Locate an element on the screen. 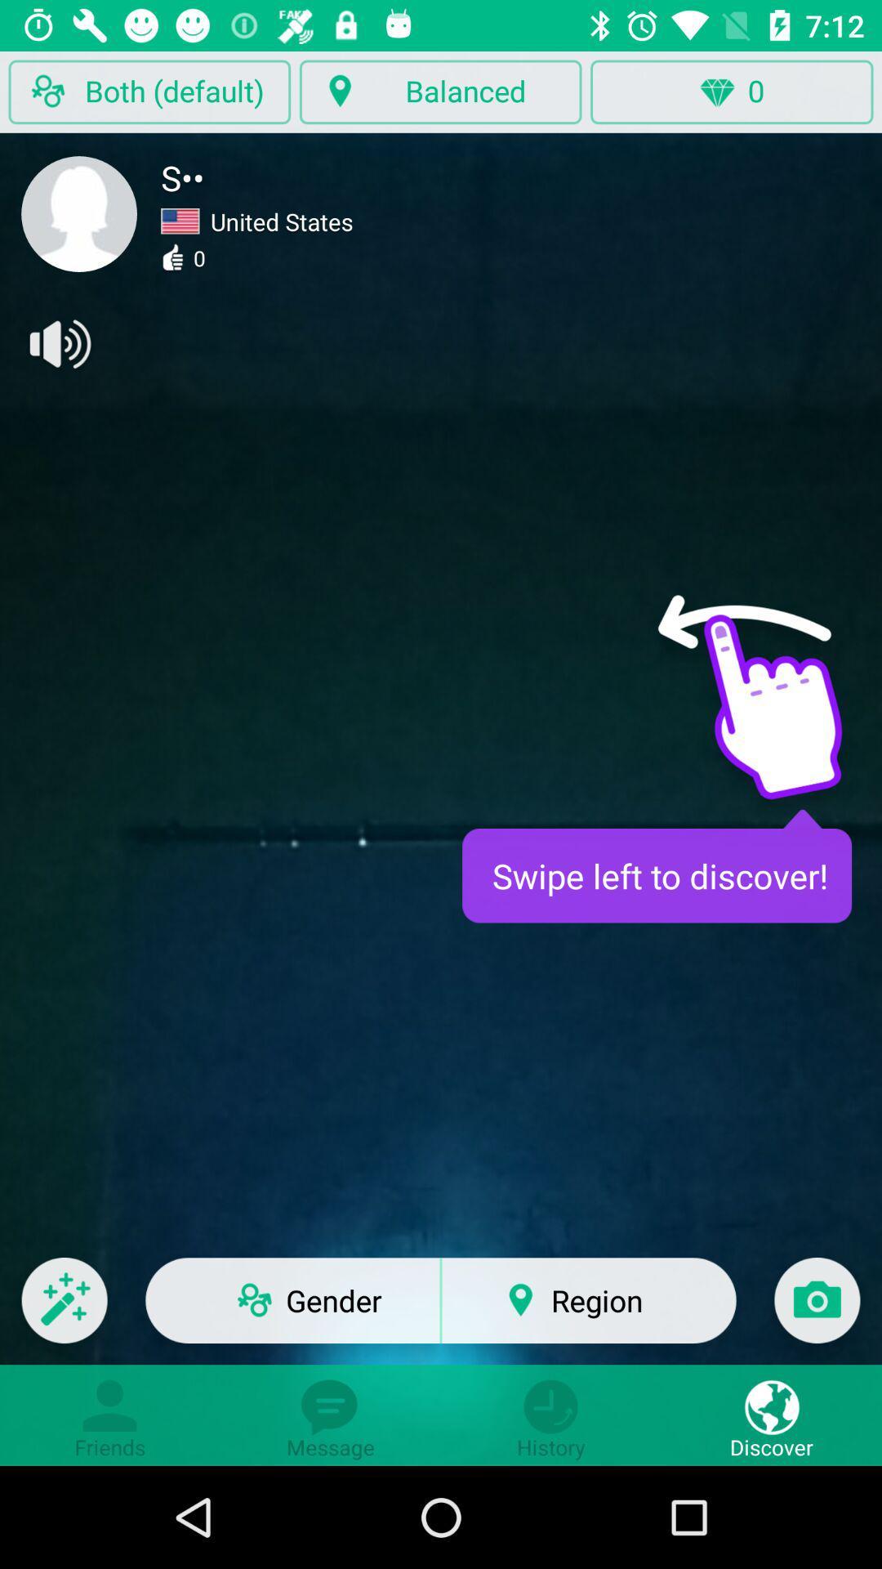  take photo is located at coordinates (817, 1311).